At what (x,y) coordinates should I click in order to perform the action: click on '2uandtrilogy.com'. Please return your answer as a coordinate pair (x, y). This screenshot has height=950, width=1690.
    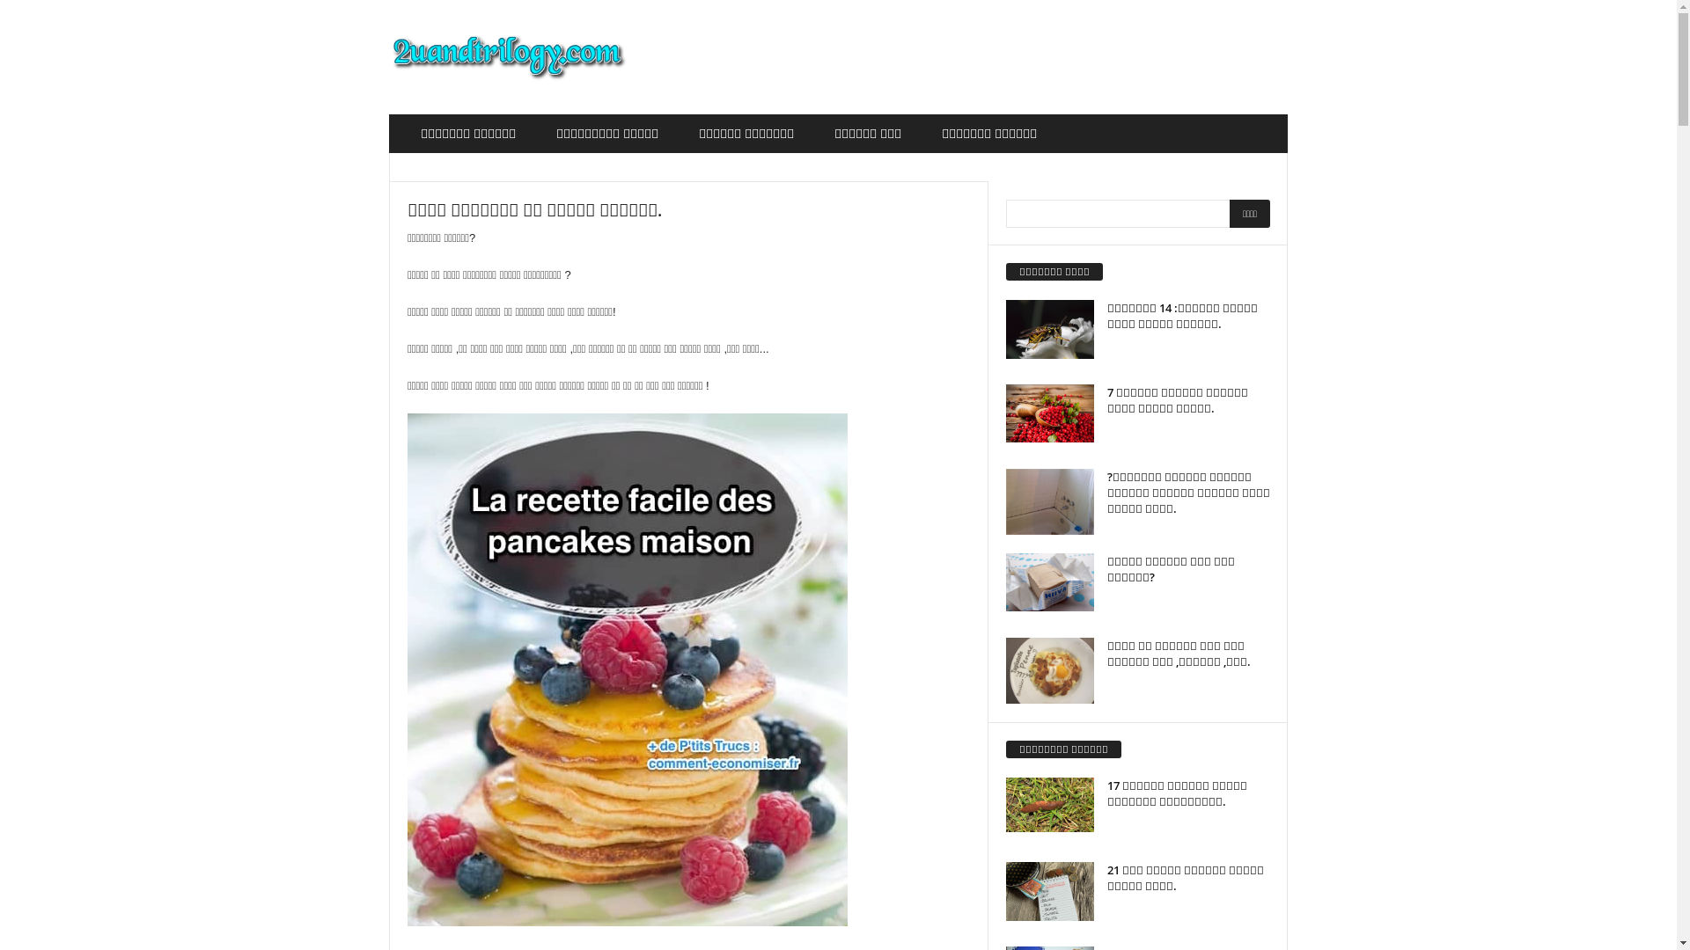
    Looking at the image, I should click on (507, 56).